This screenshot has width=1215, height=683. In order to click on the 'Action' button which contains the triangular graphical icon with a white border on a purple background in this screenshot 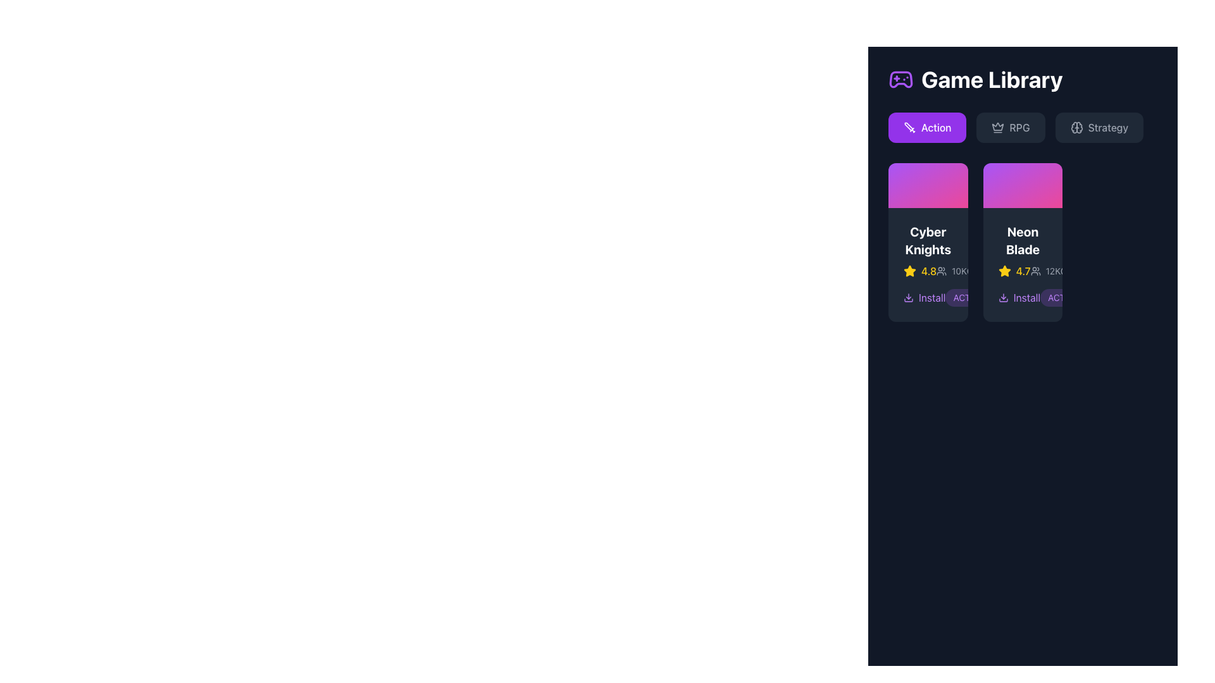, I will do `click(907, 126)`.